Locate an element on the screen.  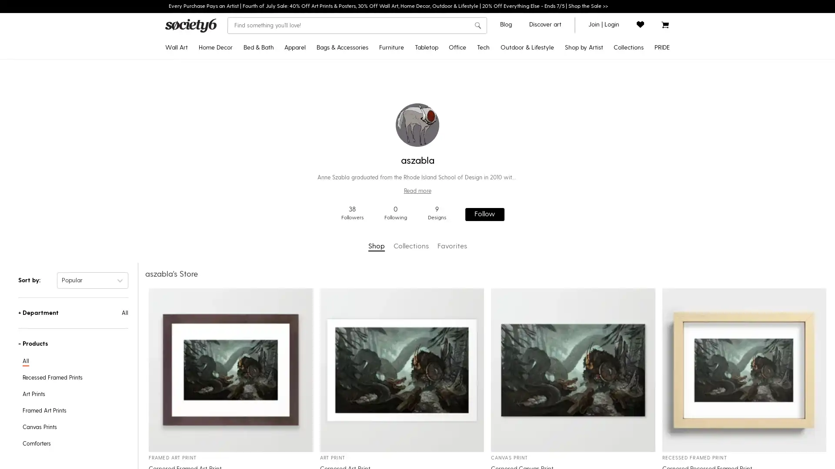
Folding Stools is located at coordinates (538, 238).